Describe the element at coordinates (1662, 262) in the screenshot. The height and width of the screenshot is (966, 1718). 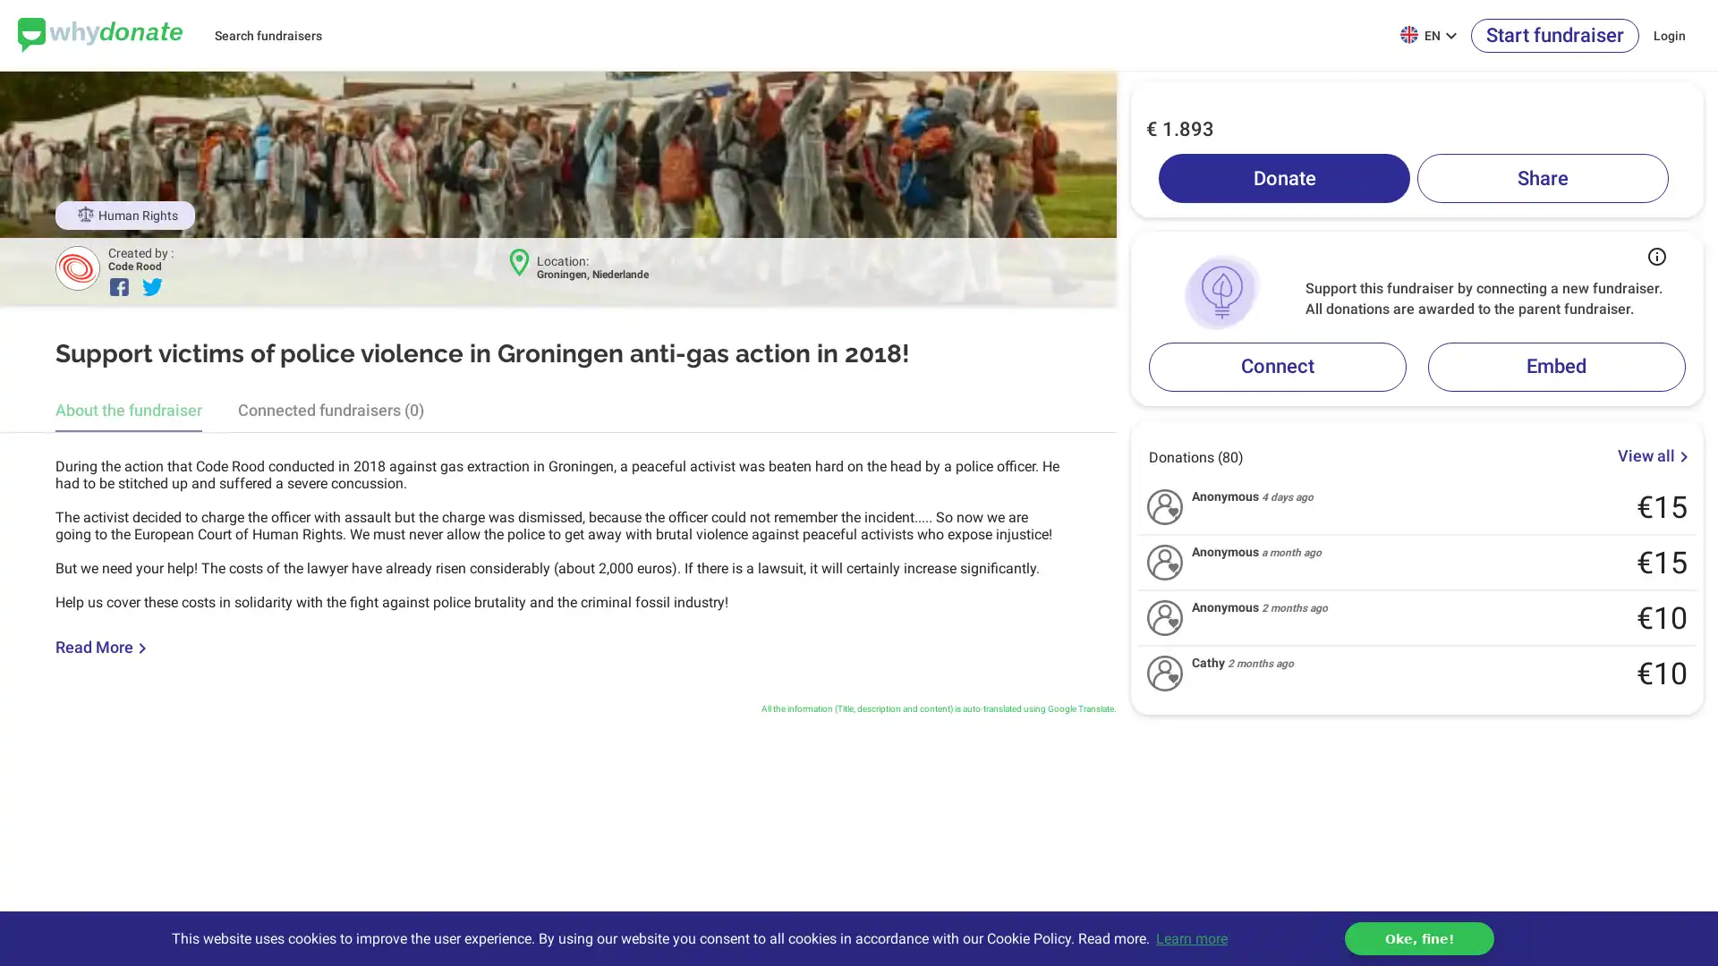
I see `Button that displays a tooltip when focused or hovered over` at that location.